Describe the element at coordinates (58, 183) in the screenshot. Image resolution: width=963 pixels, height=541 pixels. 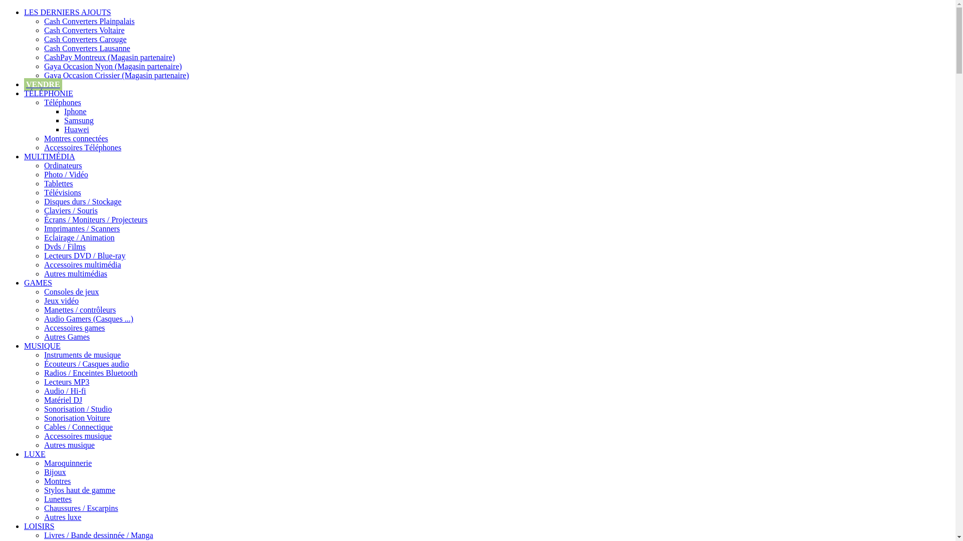
I see `'Tablettes'` at that location.